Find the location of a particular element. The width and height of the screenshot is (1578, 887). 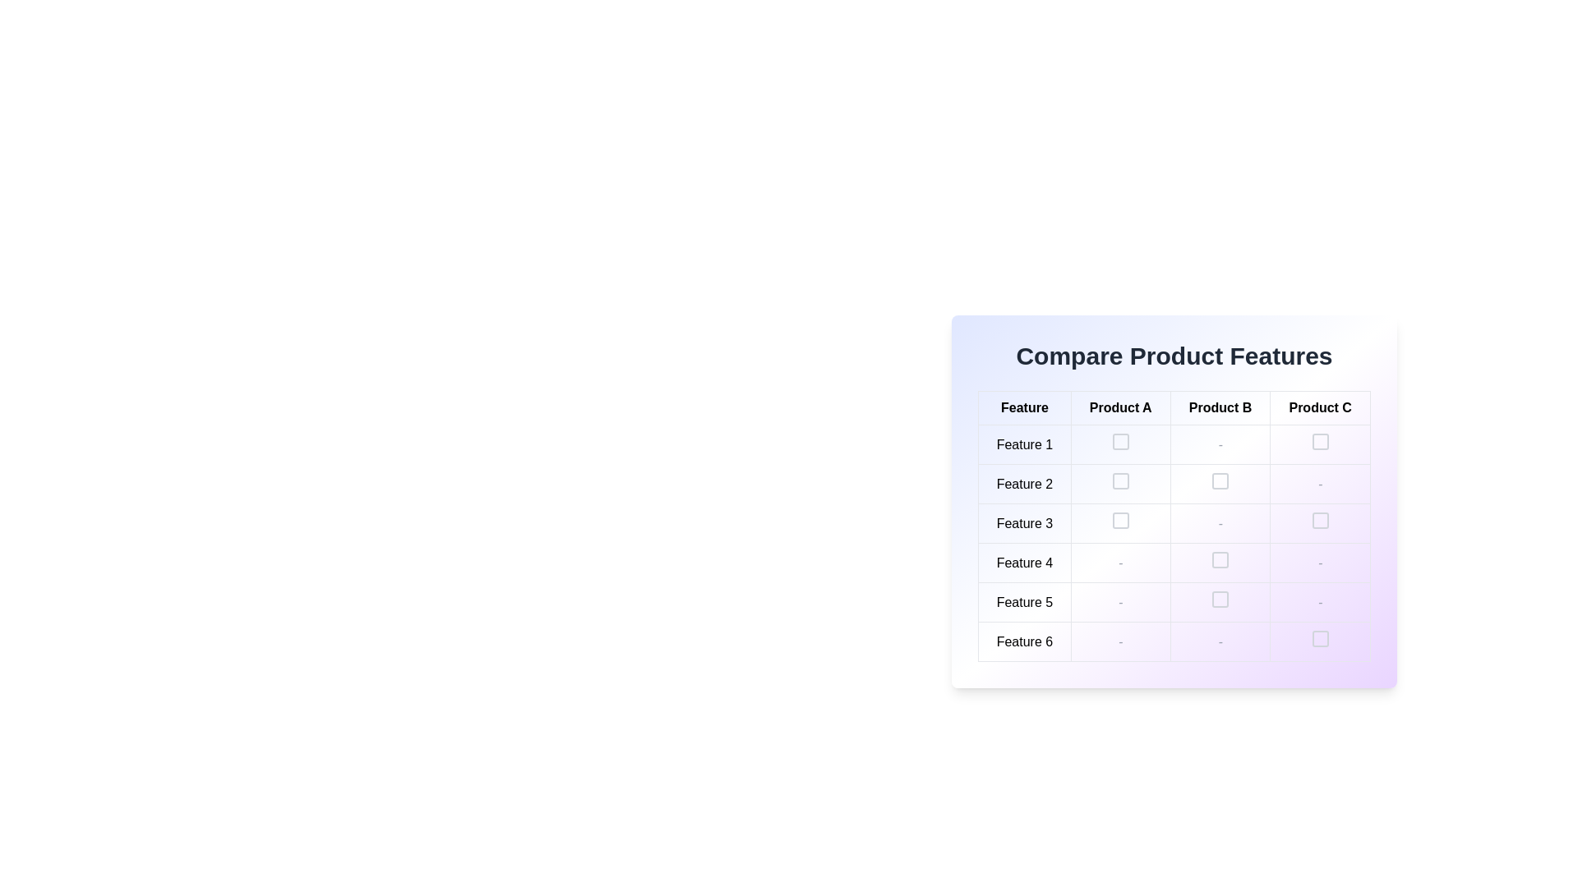

the faint gray italic hyphen representing an absence of value in the 'Product B' column of 'Feature 6' in the comparison table is located at coordinates (1119, 640).